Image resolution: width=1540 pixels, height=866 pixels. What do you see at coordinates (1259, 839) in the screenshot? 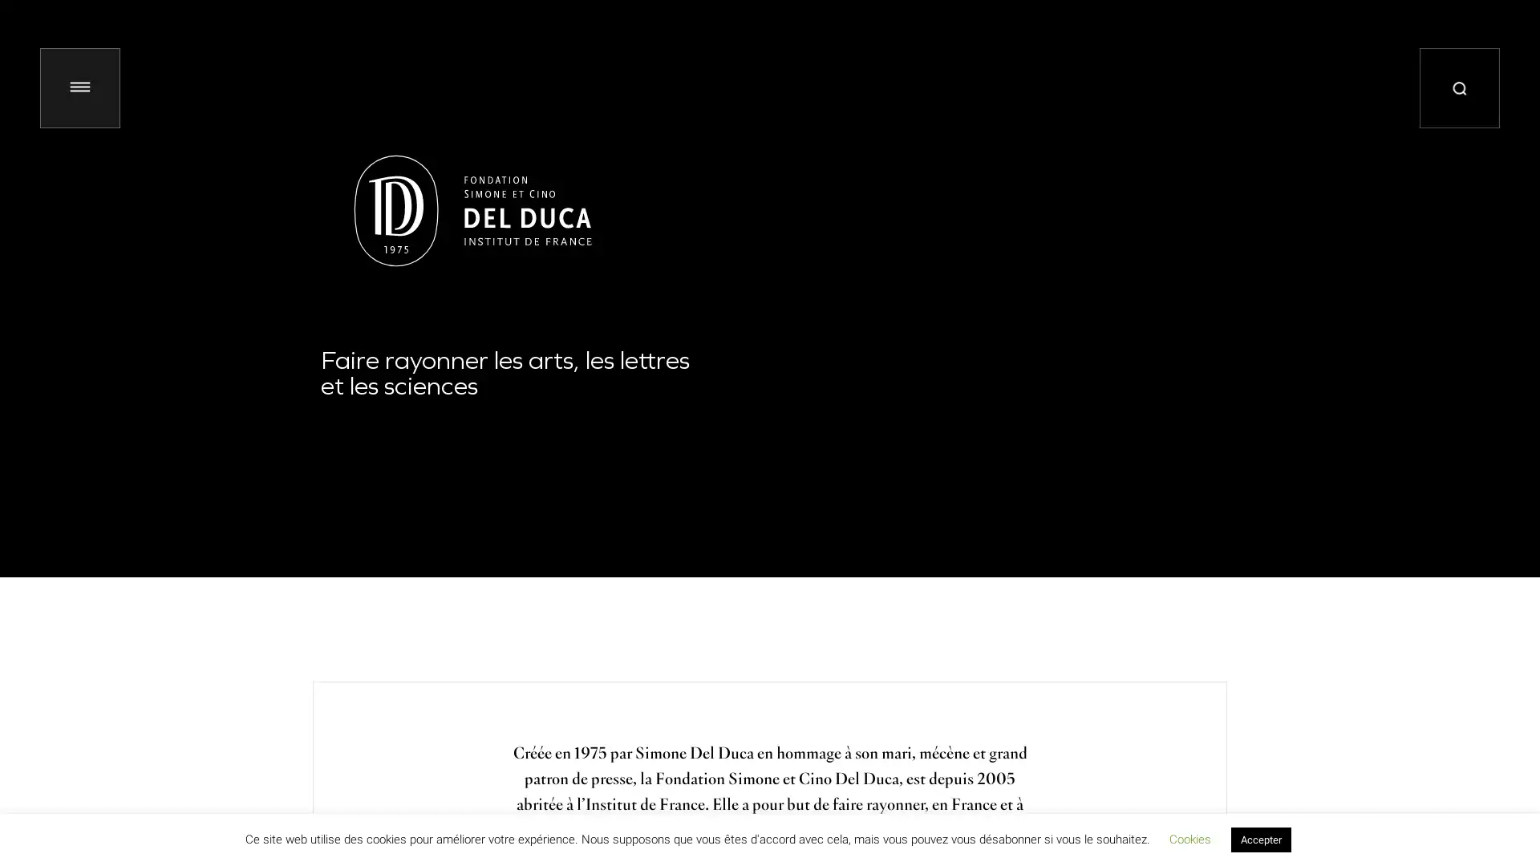
I see `Accepter` at bounding box center [1259, 839].